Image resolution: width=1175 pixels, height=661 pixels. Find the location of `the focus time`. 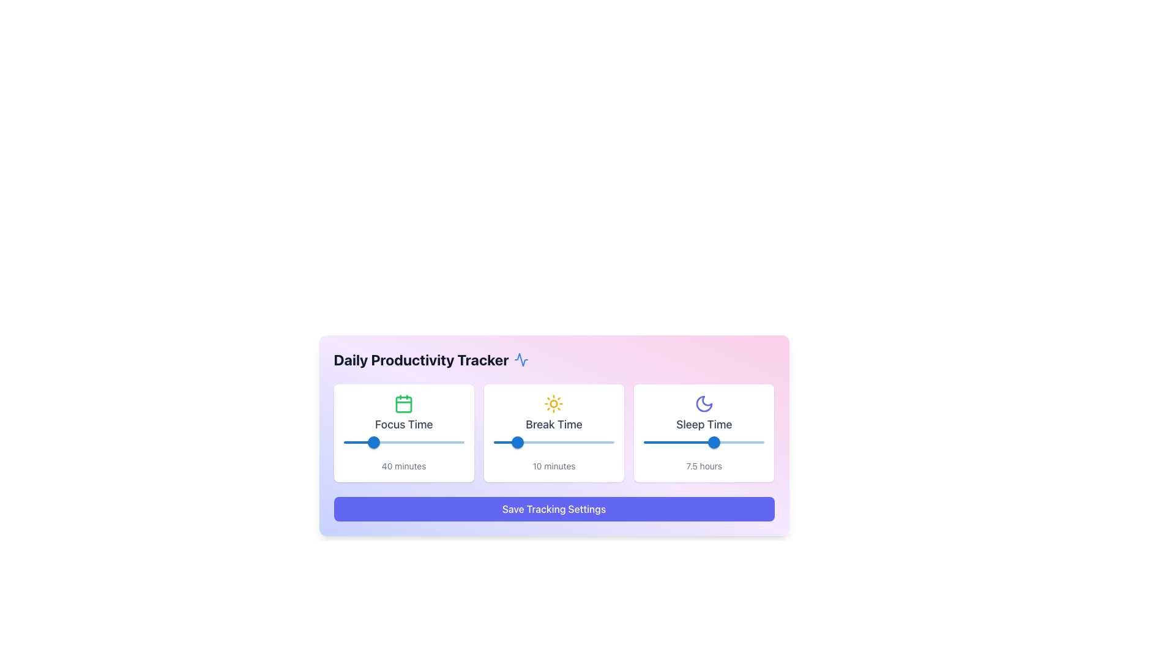

the focus time is located at coordinates (412, 442).